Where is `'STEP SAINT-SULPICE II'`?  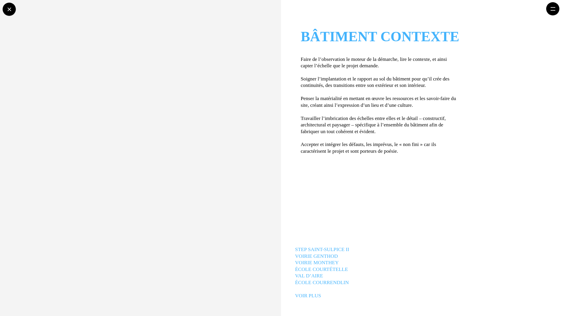
'STEP SAINT-SULPICE II' is located at coordinates (322, 250).